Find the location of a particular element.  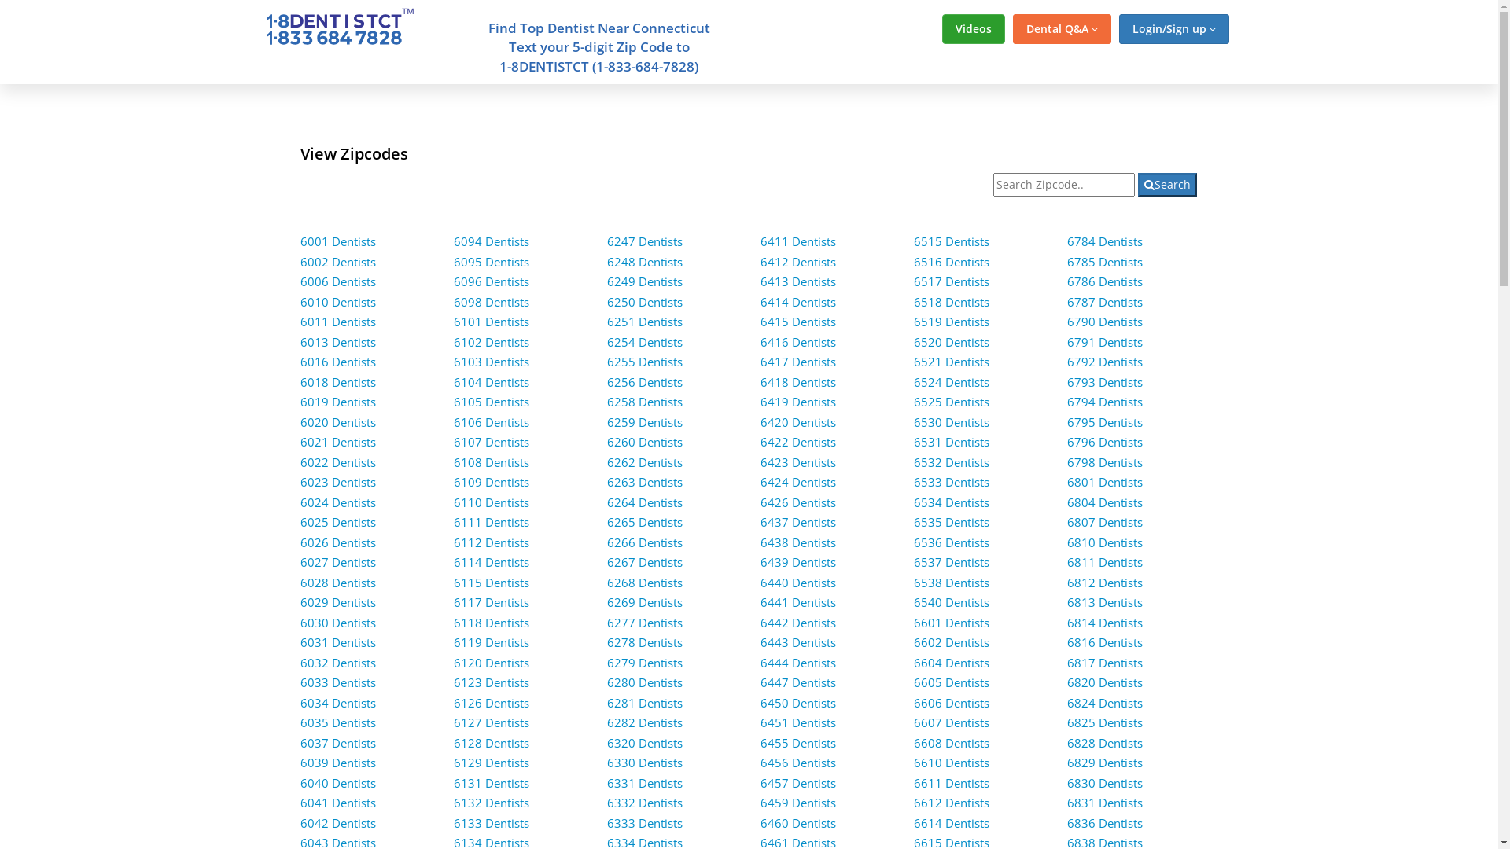

'6534 Dentists' is located at coordinates (950, 502).